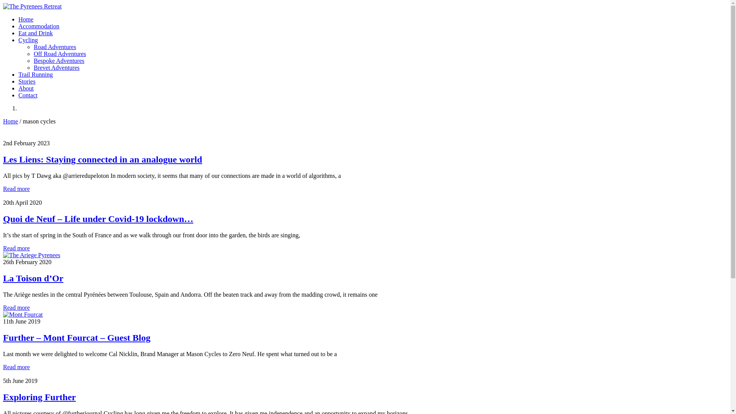  I want to click on 'Bespoke Adventures', so click(58, 60).